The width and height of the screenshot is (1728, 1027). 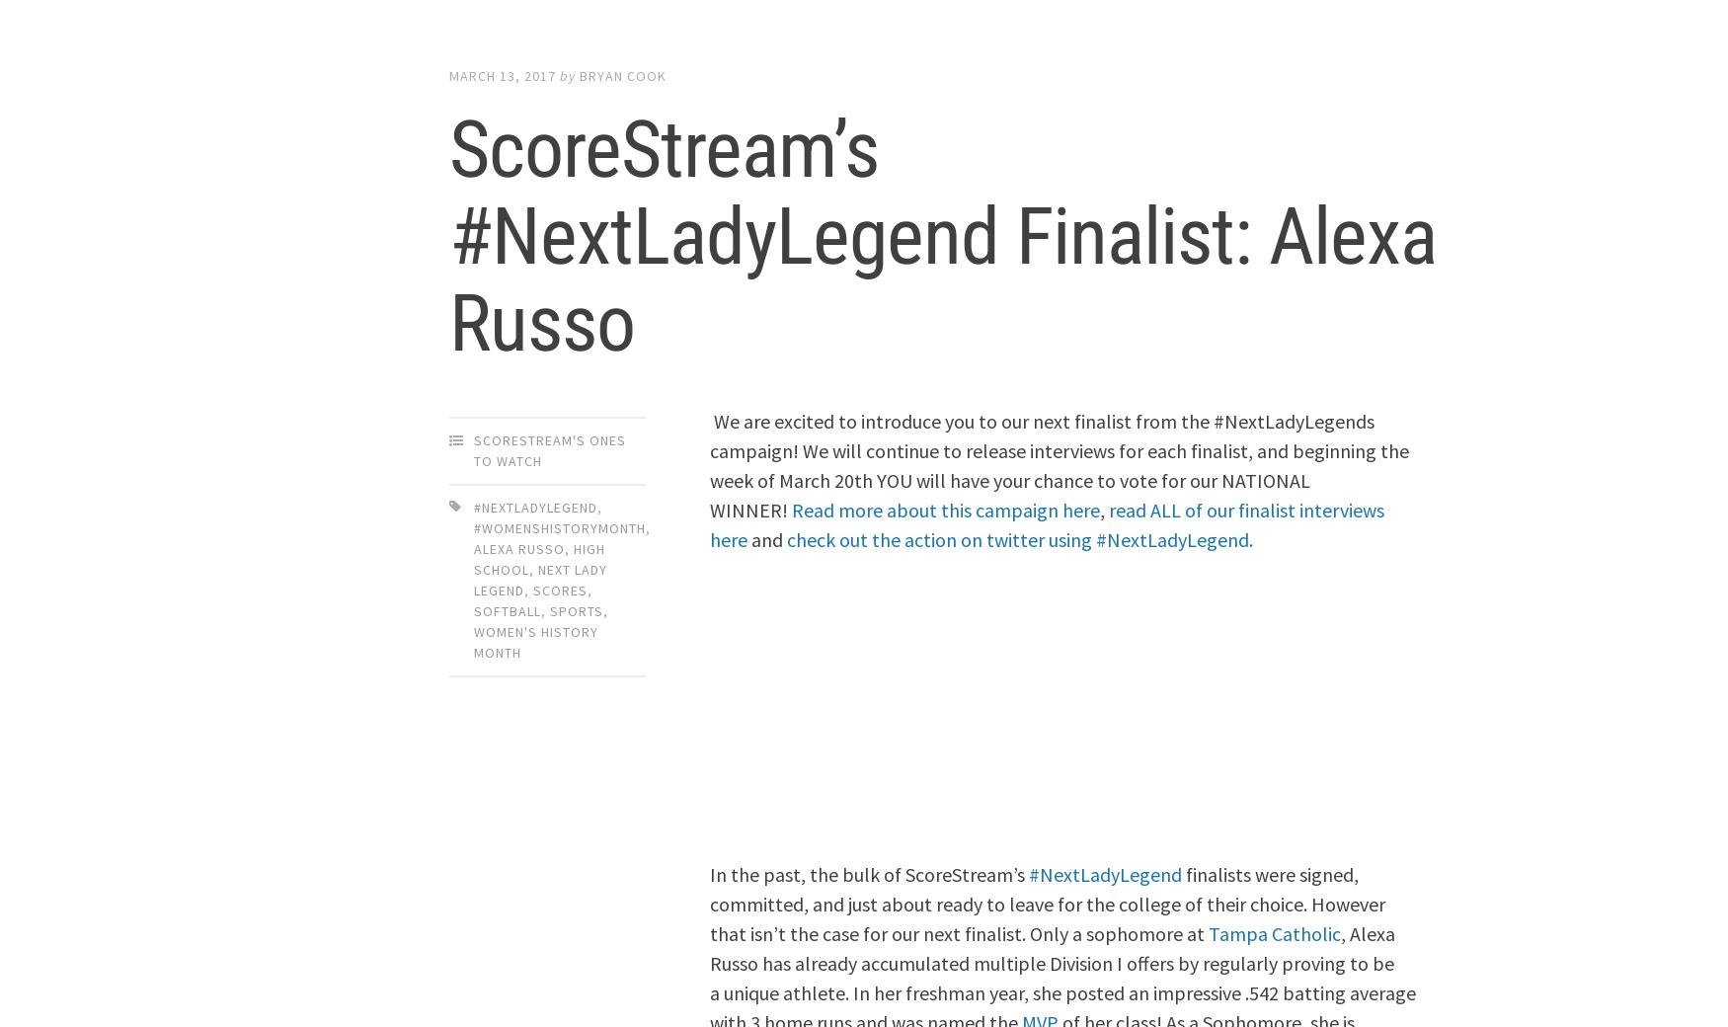 I want to click on 'check out the action on twitter using #NextLadyLegend.', so click(x=1019, y=537).